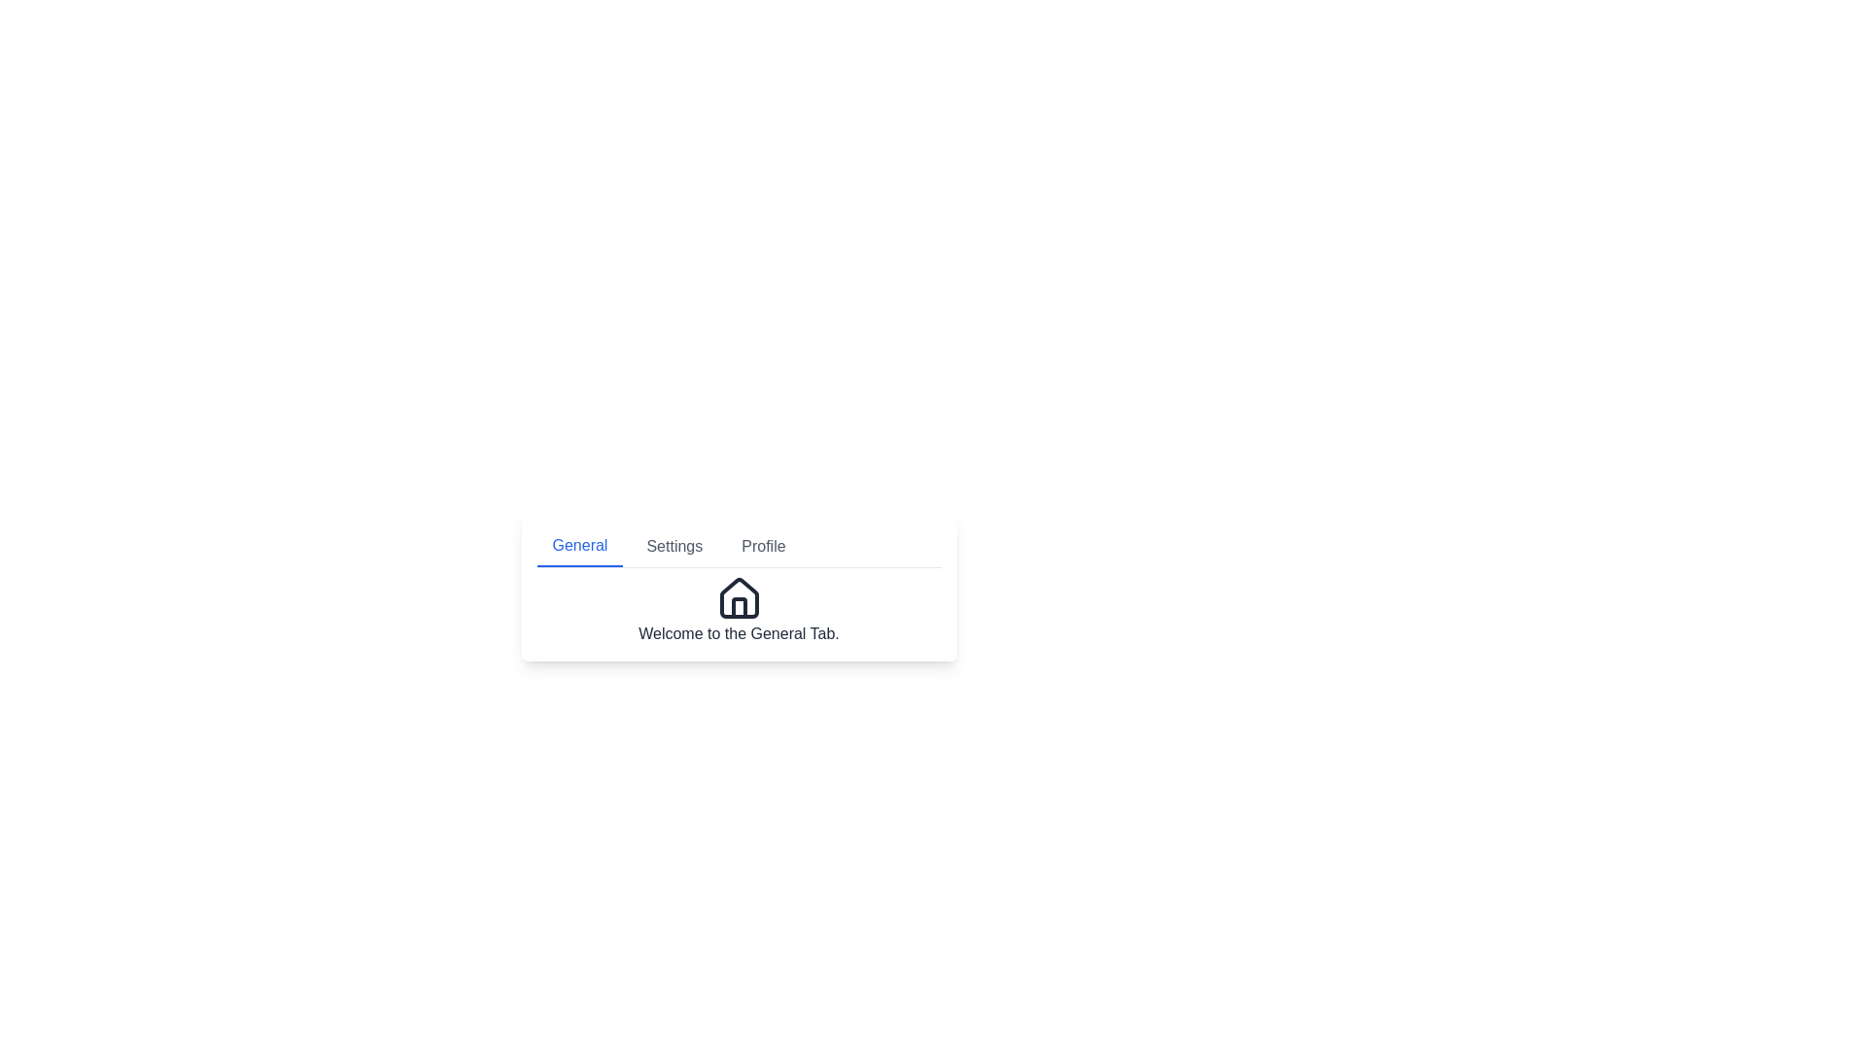  I want to click on the 'General' section icon located centrally at the bottom area of the 'General' tab interface, above the text 'Welcome to the General Tab.', so click(738, 597).